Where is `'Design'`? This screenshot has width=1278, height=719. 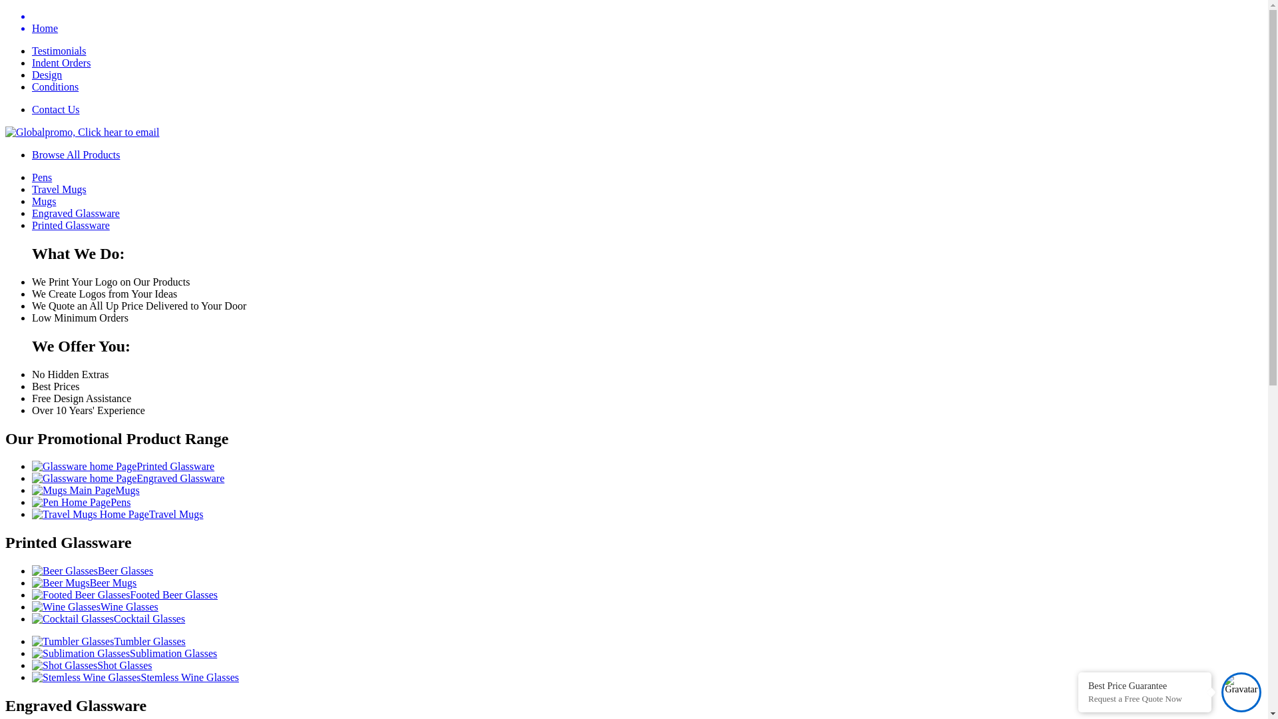
'Design' is located at coordinates (32, 75).